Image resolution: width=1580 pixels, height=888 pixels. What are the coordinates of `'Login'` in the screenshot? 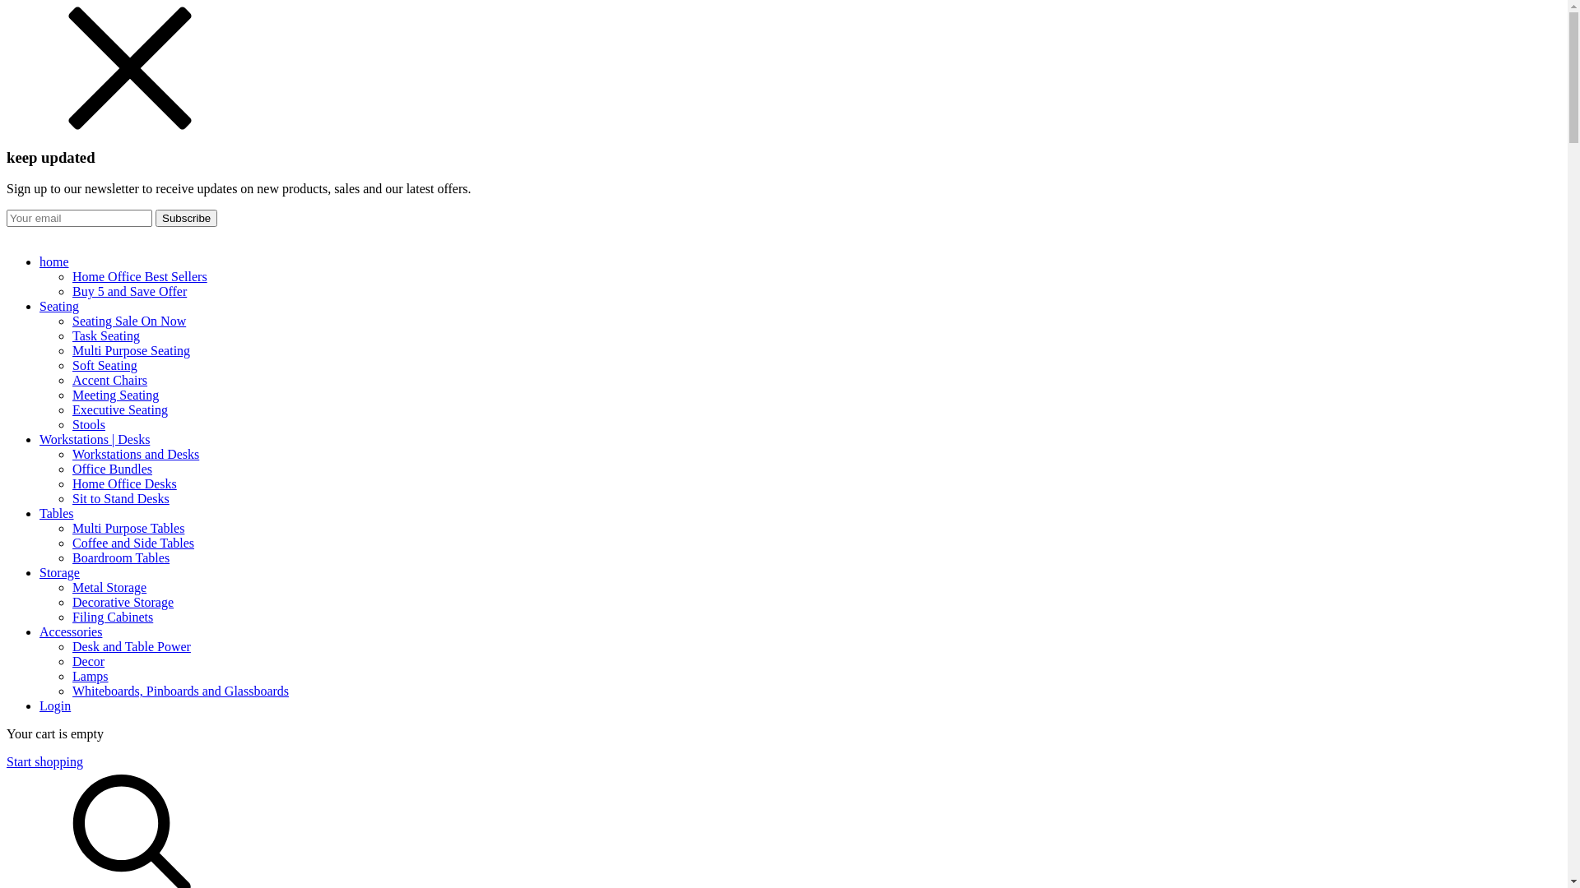 It's located at (55, 705).